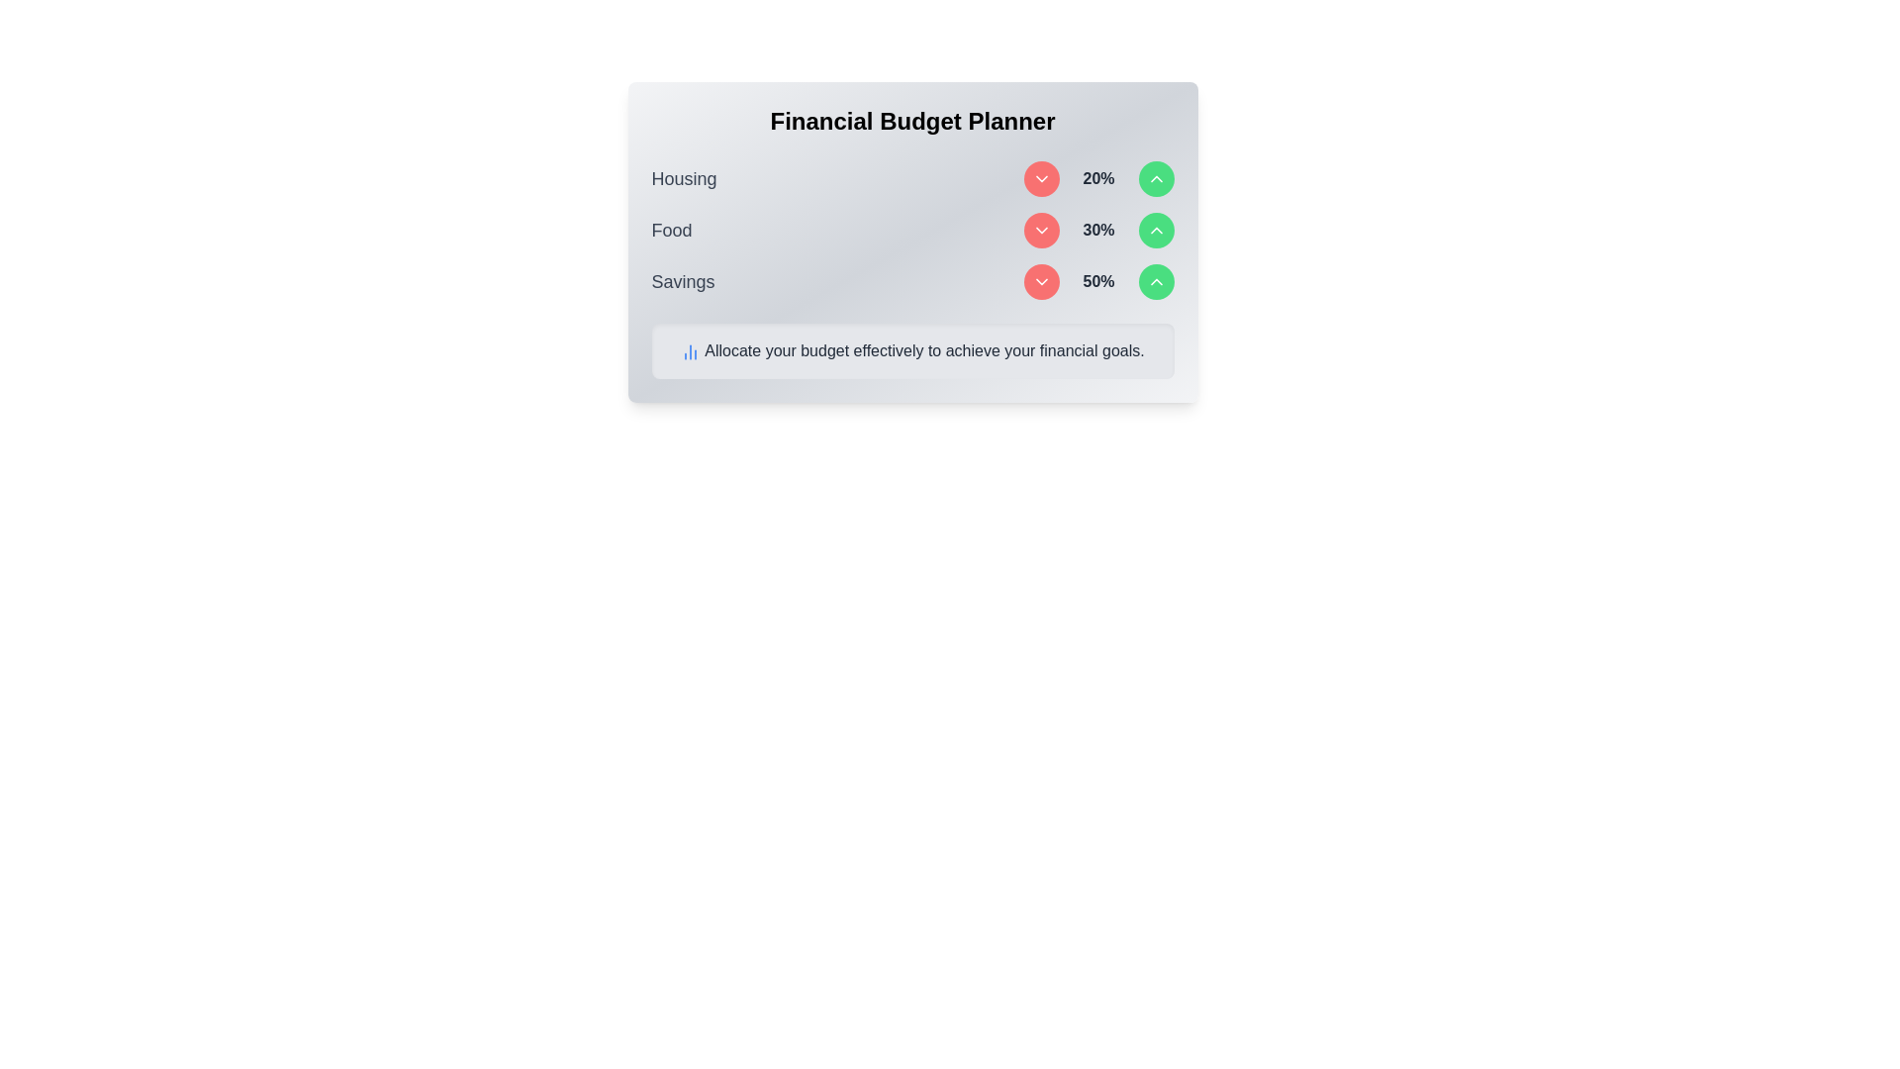 The image size is (1900, 1069). Describe the element at coordinates (1156, 179) in the screenshot. I see `the increment button located at the rightmost side of the row labeled '20%', which is visually aligned with the '20%' text and the red circular button with a downward-pointing chevron` at that location.